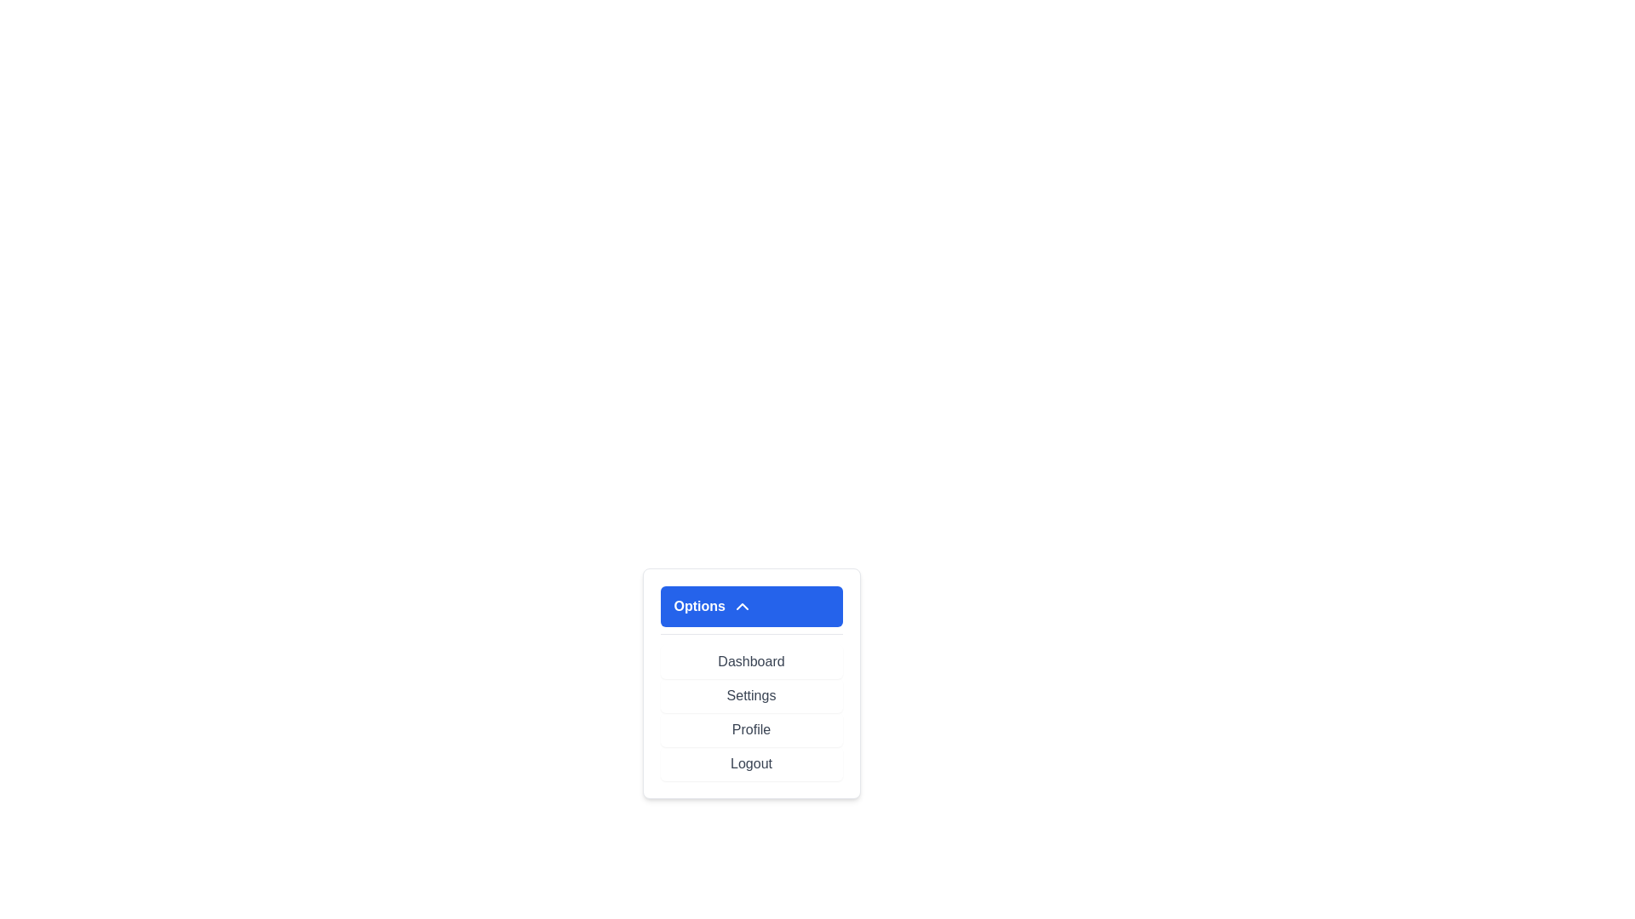 The width and height of the screenshot is (1635, 919). I want to click on 'Options' button to toggle the menu visibility, so click(750, 606).